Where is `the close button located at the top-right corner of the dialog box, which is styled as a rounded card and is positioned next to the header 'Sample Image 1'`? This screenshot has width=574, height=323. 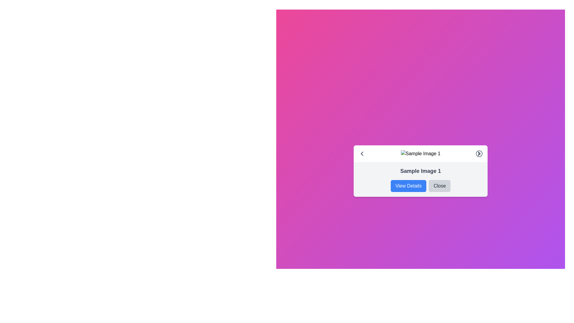 the close button located at the top-right corner of the dialog box, which is styled as a rounded card and is positioned next to the header 'Sample Image 1' is located at coordinates (479, 153).